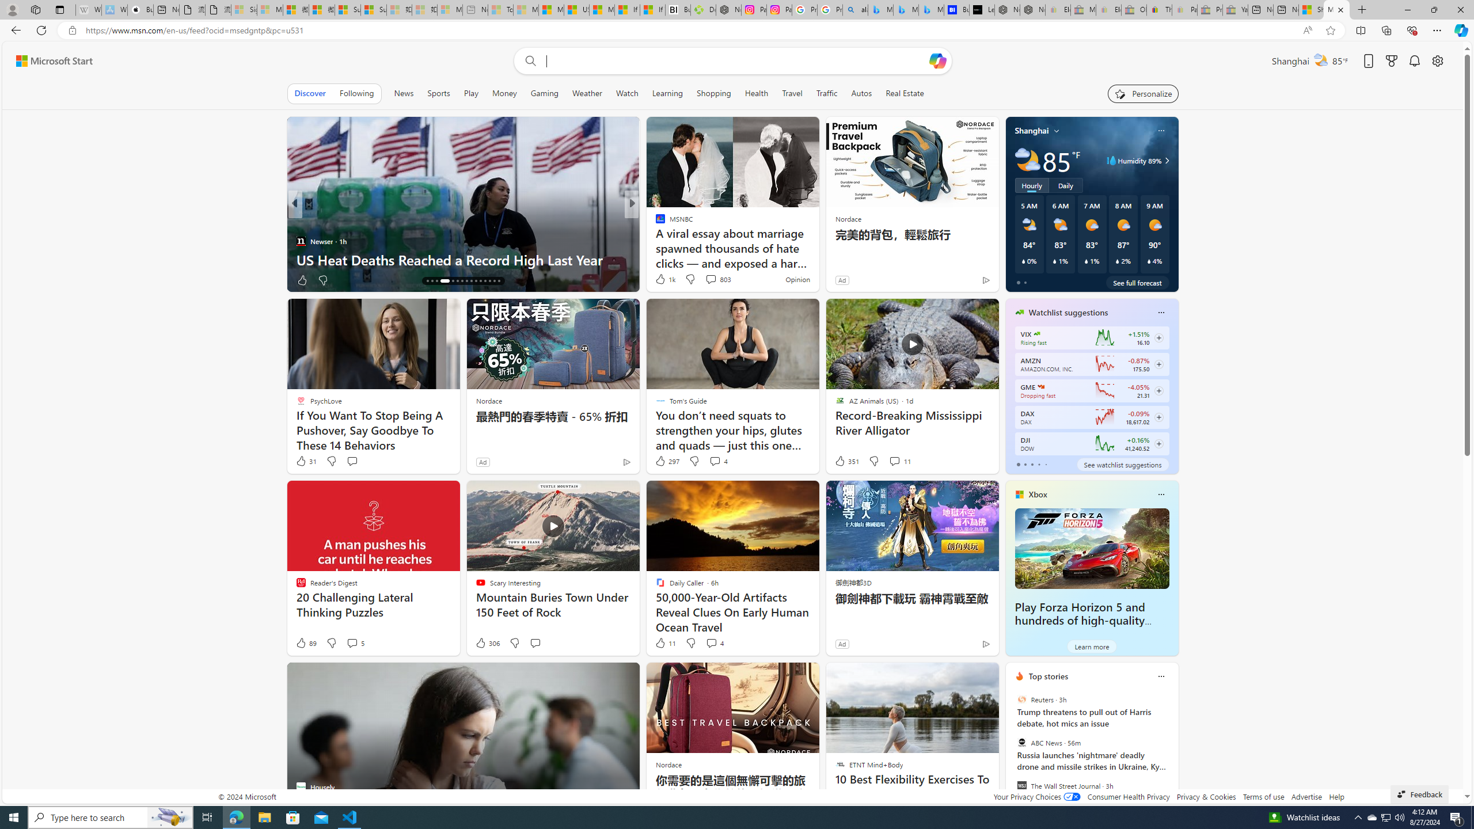 The height and width of the screenshot is (829, 1474). What do you see at coordinates (1185, 9) in the screenshot?
I see `'Payments Terms of Use | eBay.com - Sleeping'` at bounding box center [1185, 9].